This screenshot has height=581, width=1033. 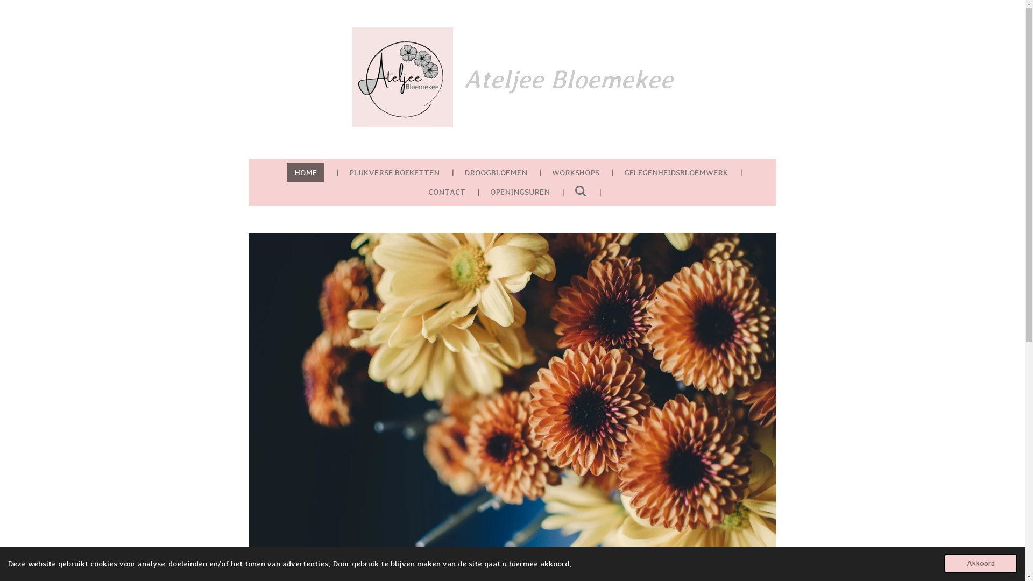 What do you see at coordinates (394, 172) in the screenshot?
I see `'PLUKVERSE BOEKETTEN'` at bounding box center [394, 172].